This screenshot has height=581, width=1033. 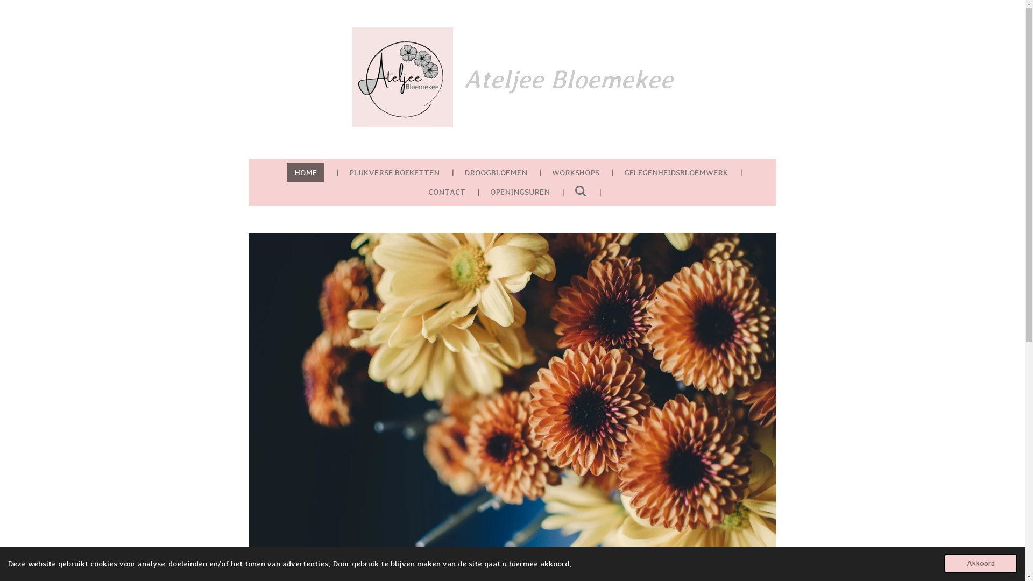 What do you see at coordinates (394, 172) in the screenshot?
I see `'PLUKVERSE BOEKETTEN'` at bounding box center [394, 172].